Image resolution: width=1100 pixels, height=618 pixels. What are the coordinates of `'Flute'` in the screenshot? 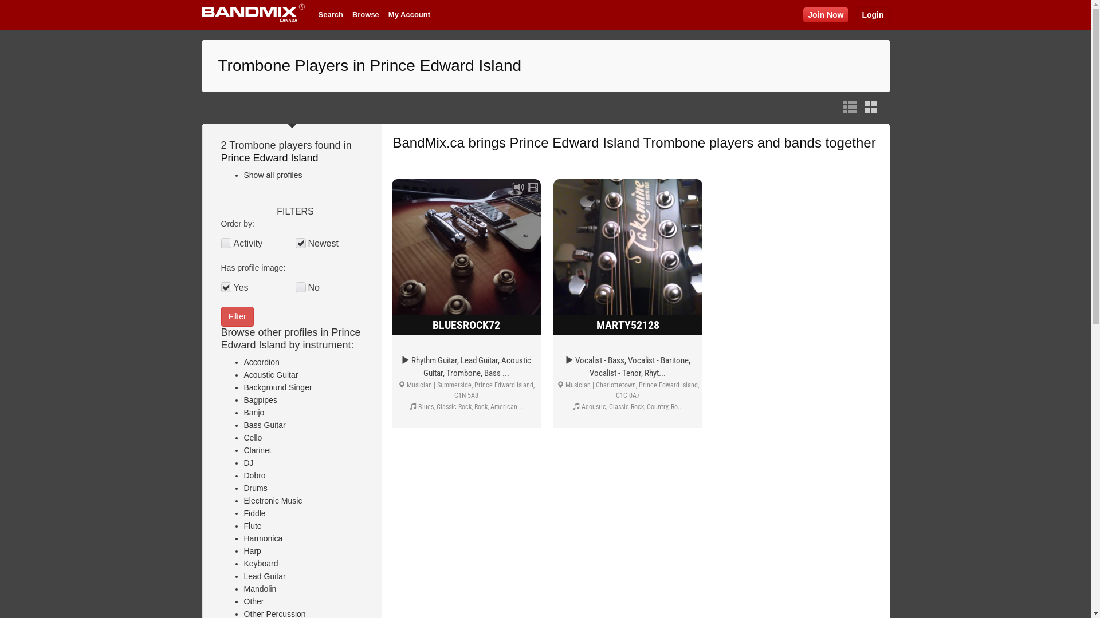 It's located at (252, 525).